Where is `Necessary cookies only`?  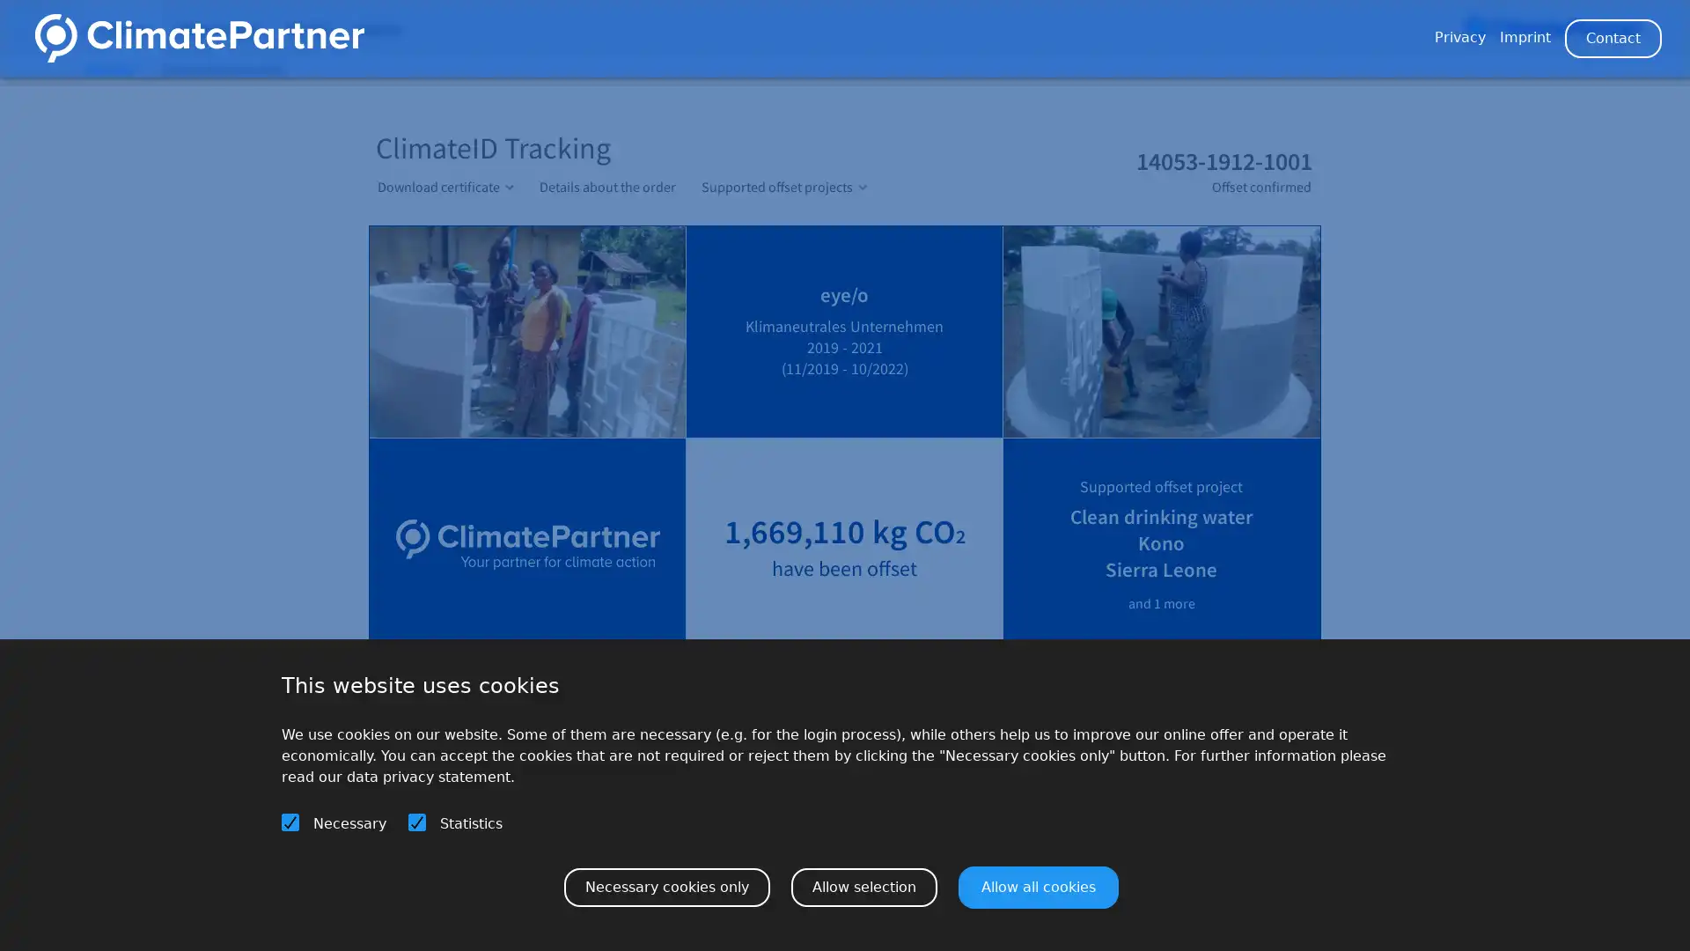
Necessary cookies only is located at coordinates (666, 886).